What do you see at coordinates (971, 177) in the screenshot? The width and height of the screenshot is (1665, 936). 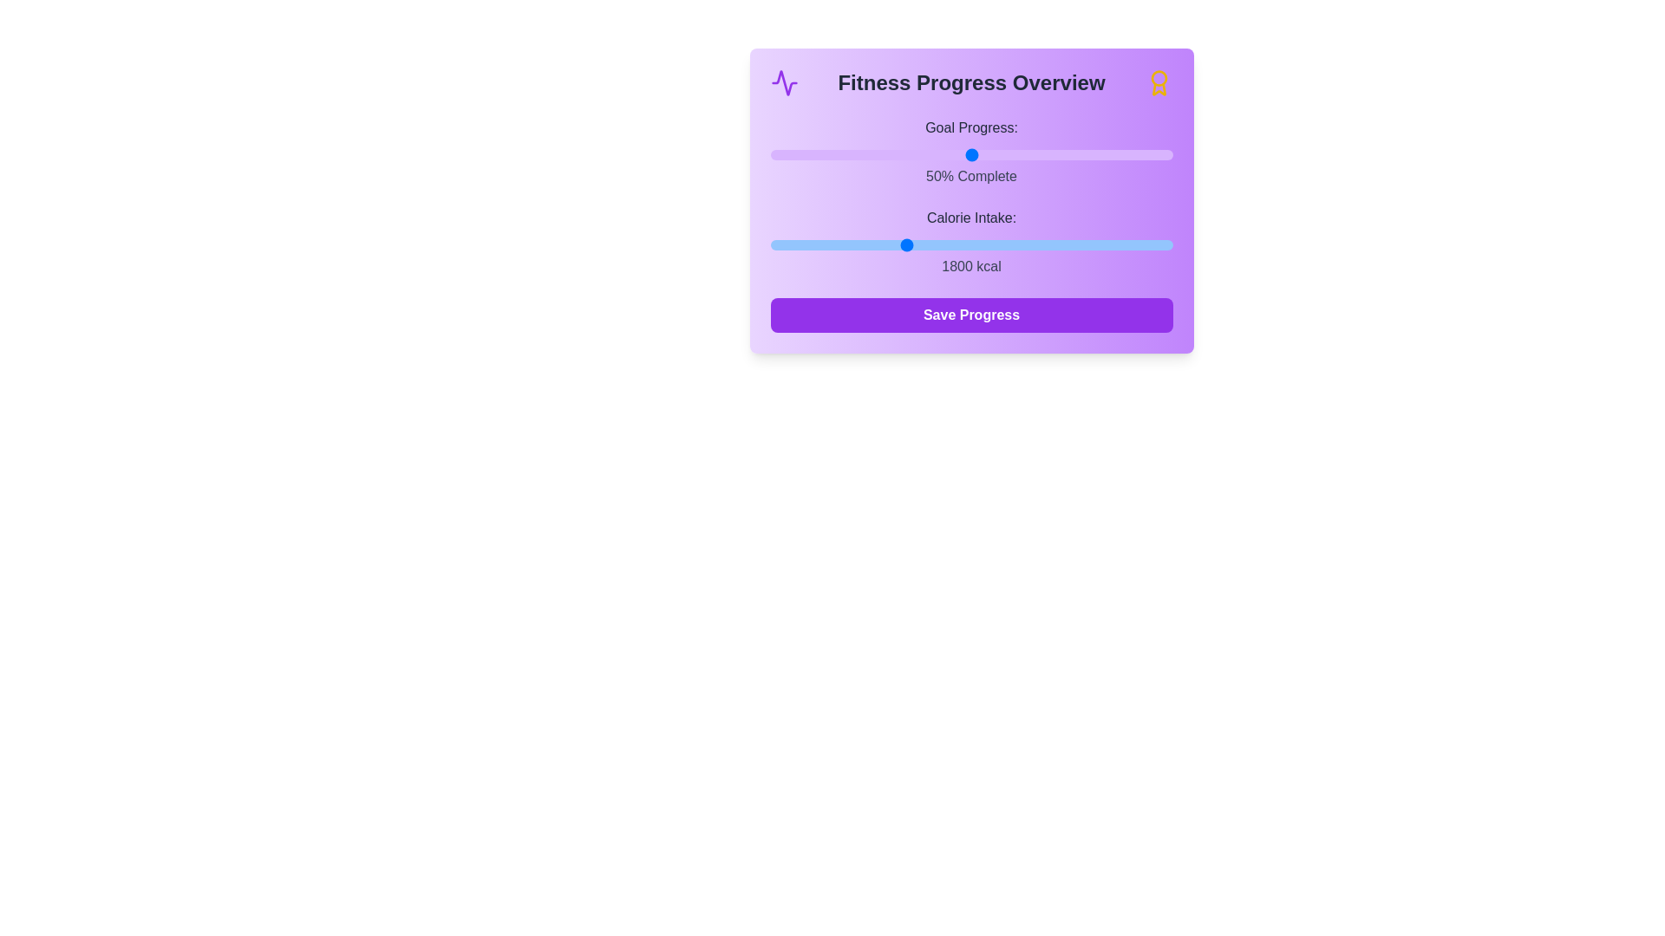 I see `the Text label that displays the progress percentage, located at the bottom of the 'Goal Progress' section, just below the progress bar` at bounding box center [971, 177].